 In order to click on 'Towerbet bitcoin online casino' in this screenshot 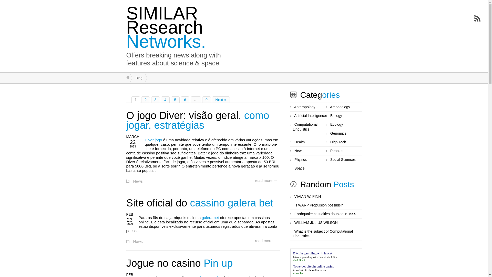, I will do `click(313, 266)`.